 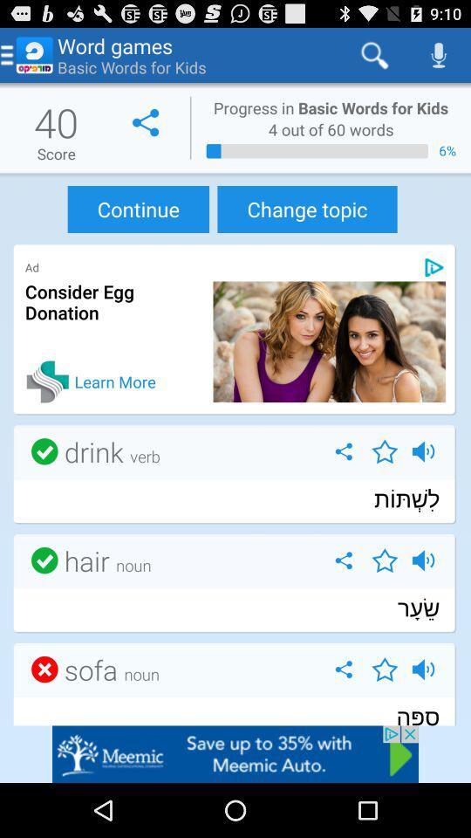 What do you see at coordinates (235, 753) in the screenshot?
I see `open advertisement` at bounding box center [235, 753].